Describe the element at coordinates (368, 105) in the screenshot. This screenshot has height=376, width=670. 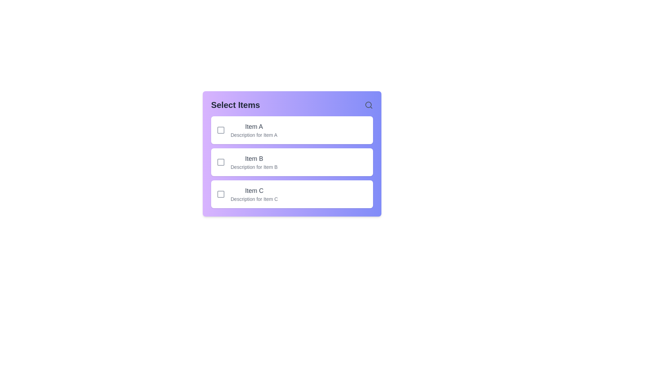
I see `the search icon at the top-right corner of the component` at that location.